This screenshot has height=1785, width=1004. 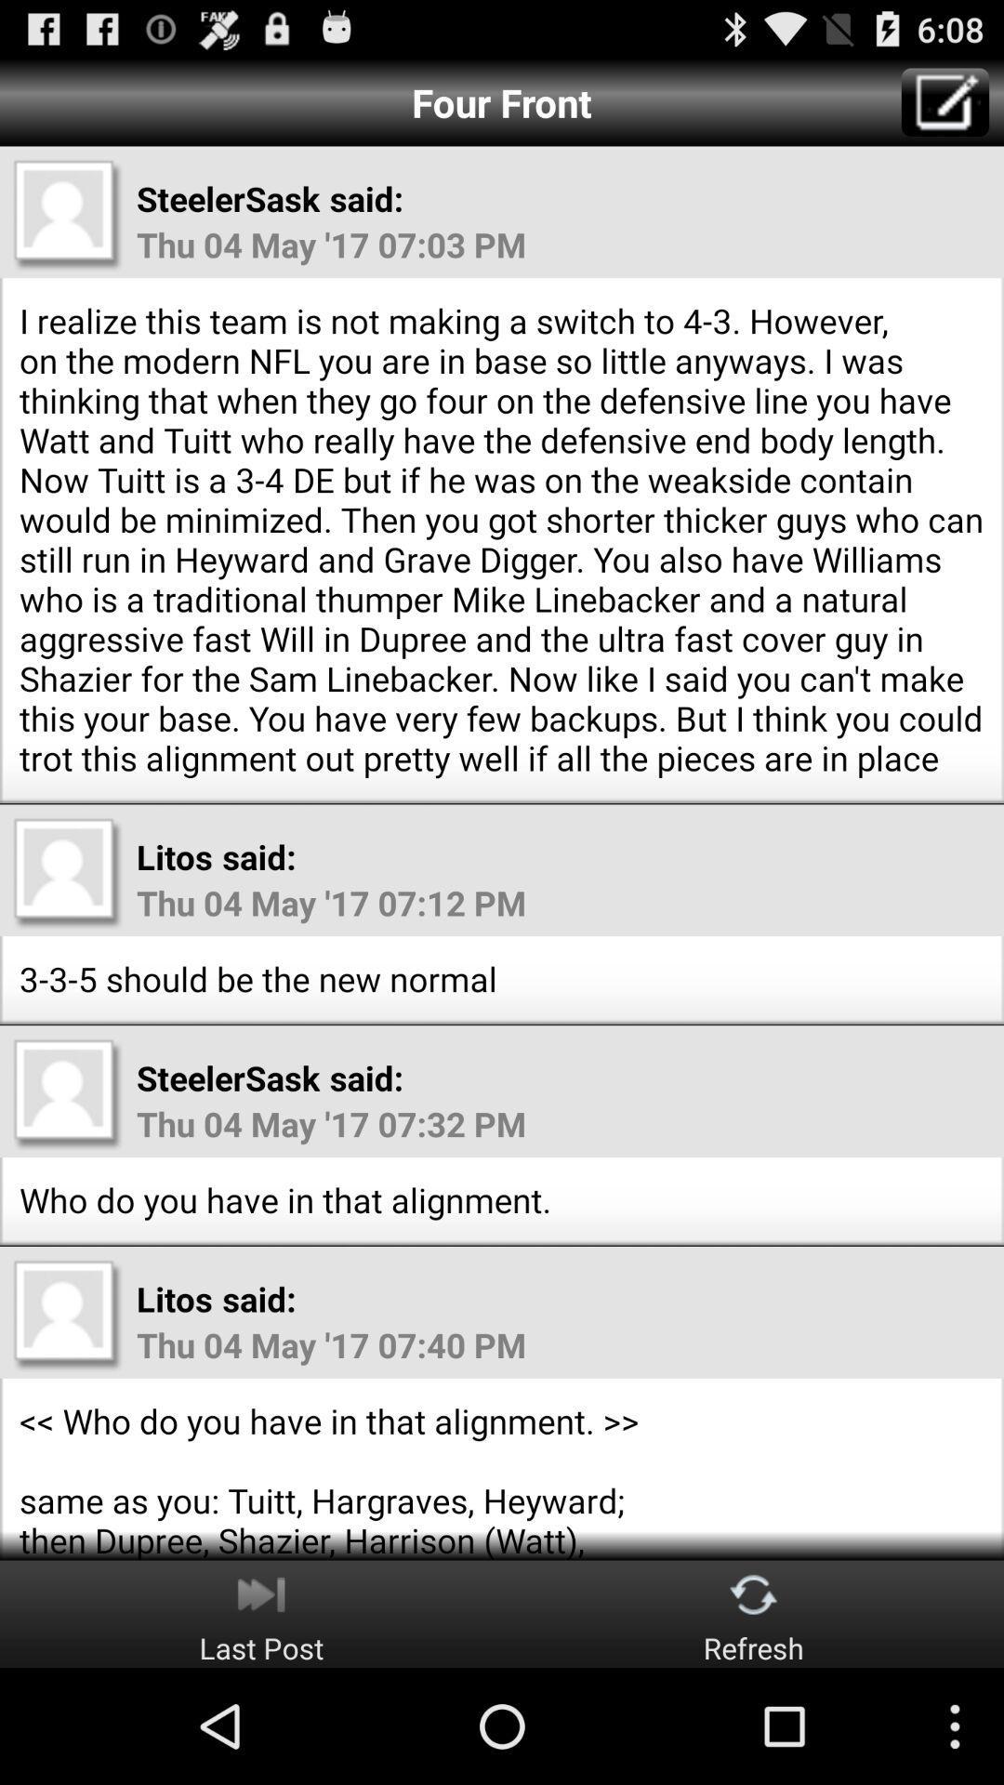 I want to click on search profile, so click(x=67, y=872).